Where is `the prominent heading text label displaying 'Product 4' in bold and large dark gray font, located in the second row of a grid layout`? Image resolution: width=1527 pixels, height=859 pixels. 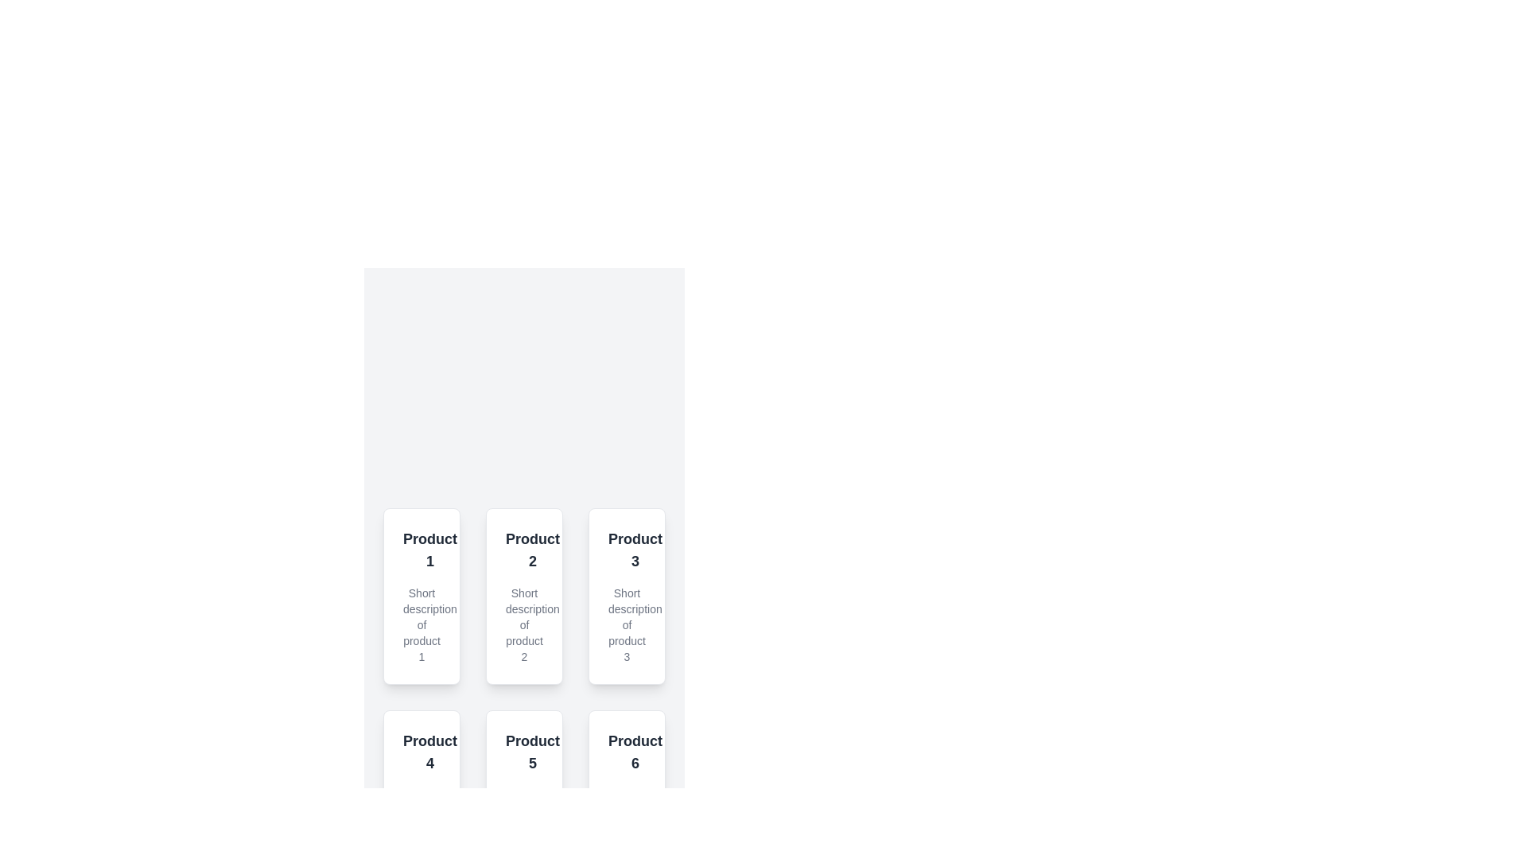 the prominent heading text label displaying 'Product 4' in bold and large dark gray font, located in the second row of a grid layout is located at coordinates (430, 752).